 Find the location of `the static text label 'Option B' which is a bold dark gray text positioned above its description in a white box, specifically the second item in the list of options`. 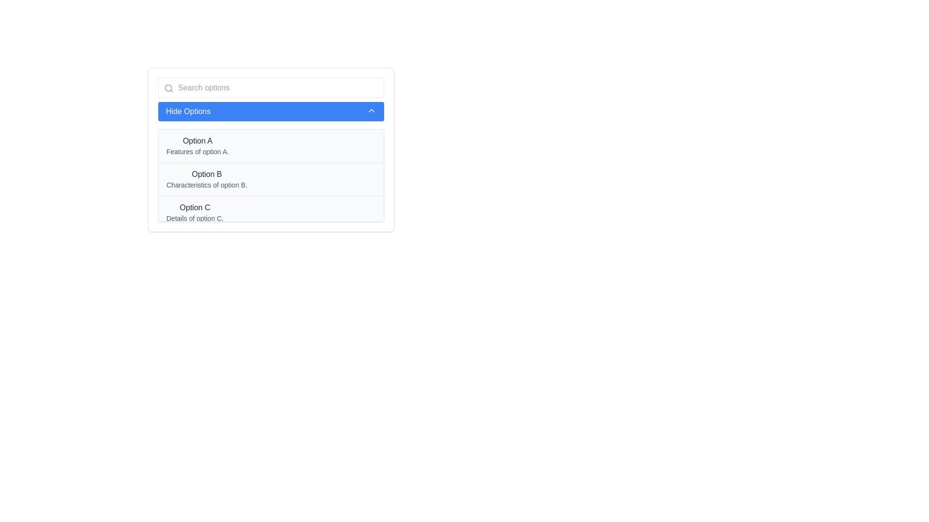

the static text label 'Option B' which is a bold dark gray text positioned above its description in a white box, specifically the second item in the list of options is located at coordinates (206, 174).